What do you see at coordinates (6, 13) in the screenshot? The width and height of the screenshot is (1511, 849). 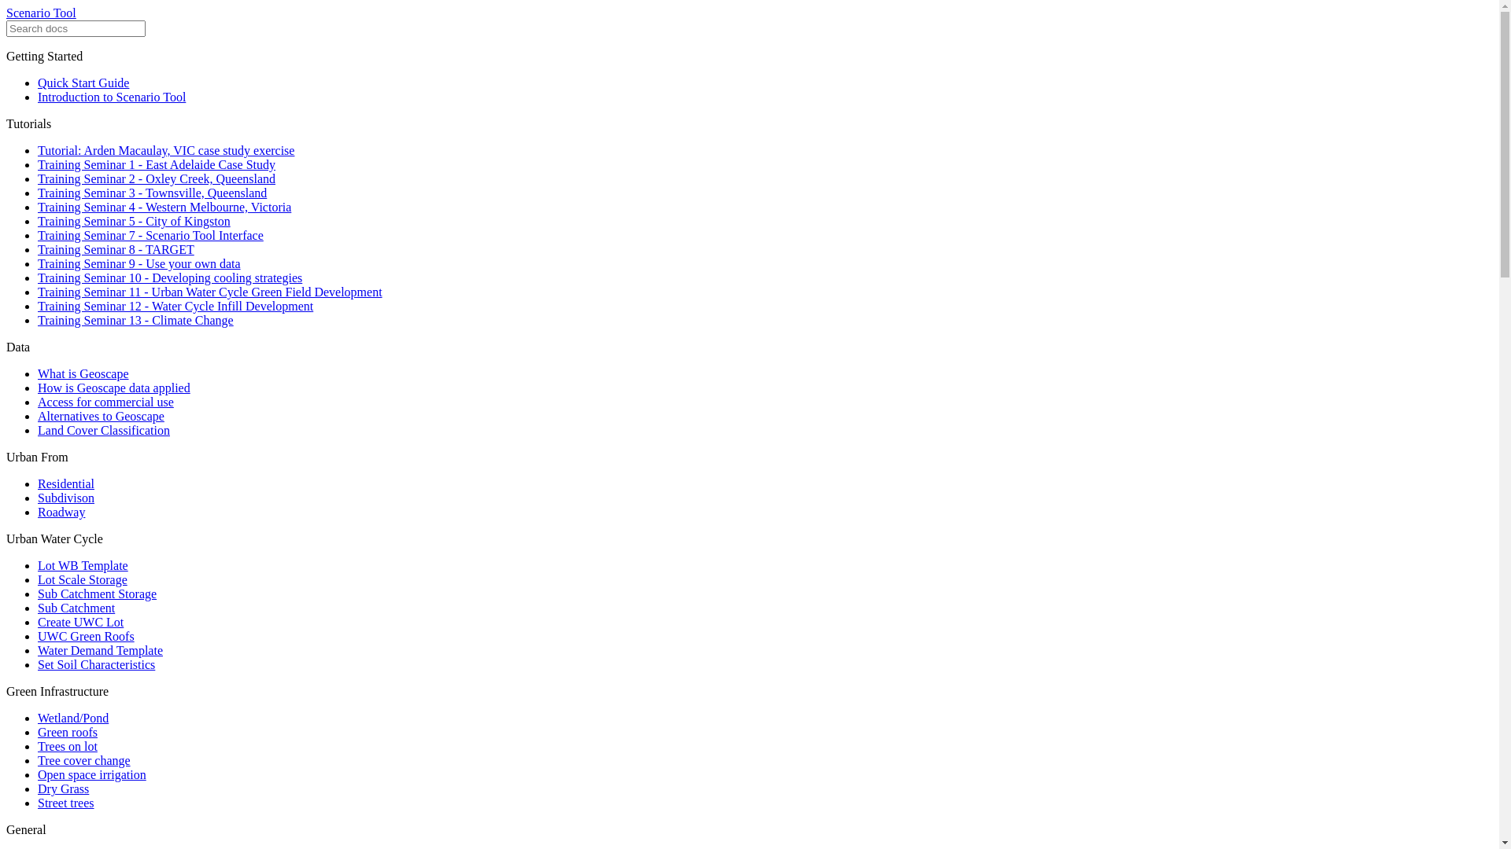 I see `'Scenario Tool'` at bounding box center [6, 13].